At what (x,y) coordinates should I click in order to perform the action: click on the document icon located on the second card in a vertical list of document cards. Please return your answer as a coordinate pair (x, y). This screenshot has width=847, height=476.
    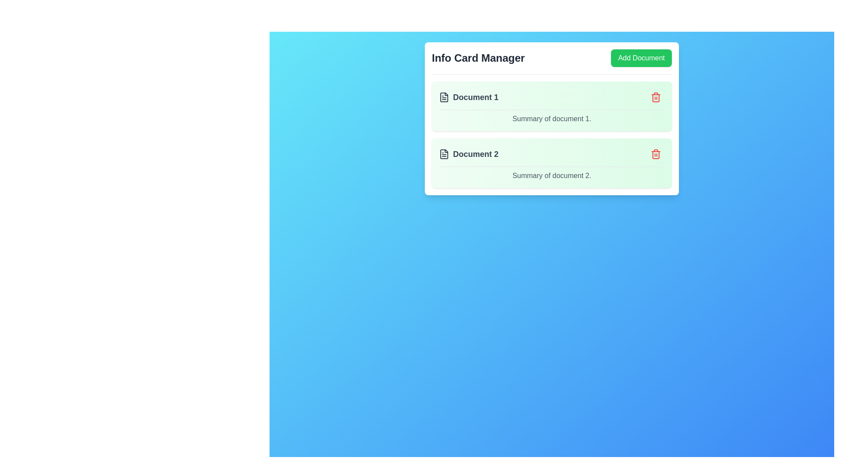
    Looking at the image, I should click on (444, 154).